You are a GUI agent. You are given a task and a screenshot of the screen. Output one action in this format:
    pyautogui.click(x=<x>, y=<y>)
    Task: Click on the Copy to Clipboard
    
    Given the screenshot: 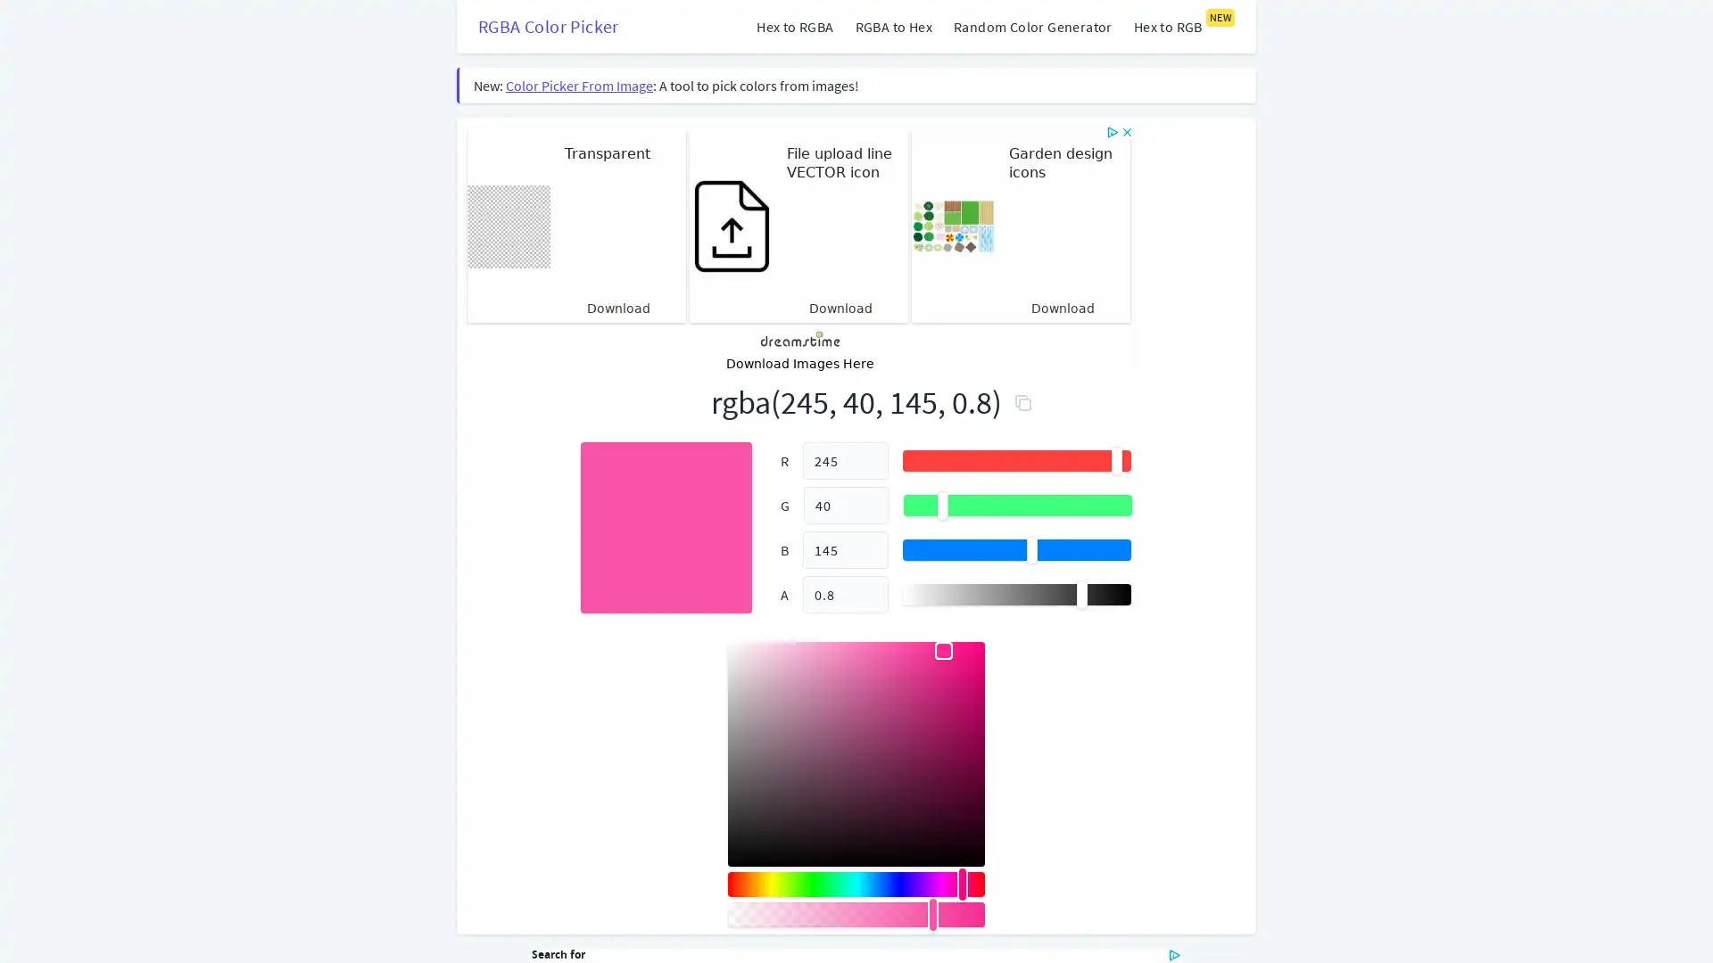 What is the action you would take?
    pyautogui.click(x=1023, y=402)
    